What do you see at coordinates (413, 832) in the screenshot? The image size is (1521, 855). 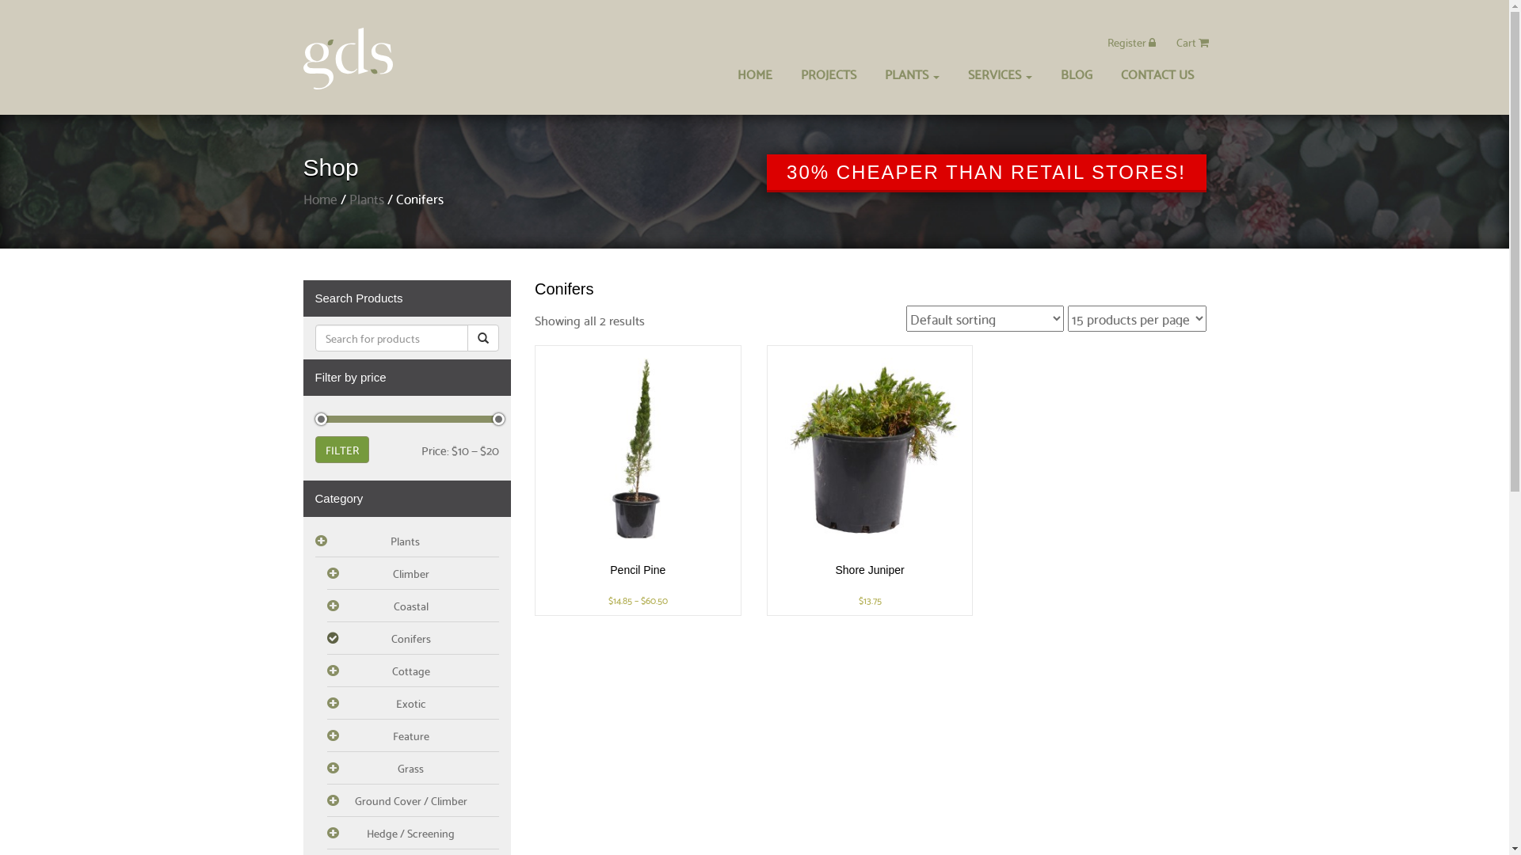 I see `'Hedge / Screening'` at bounding box center [413, 832].